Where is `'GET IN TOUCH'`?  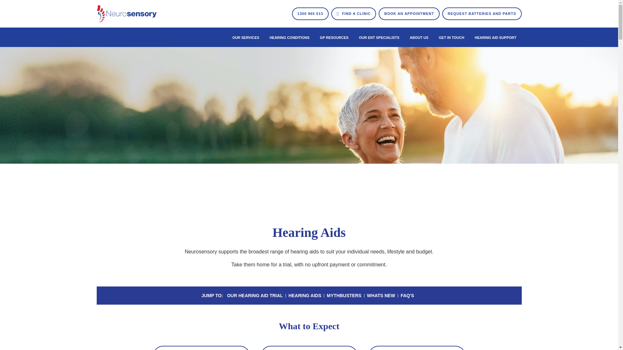 'GET IN TOUCH' is located at coordinates (451, 37).